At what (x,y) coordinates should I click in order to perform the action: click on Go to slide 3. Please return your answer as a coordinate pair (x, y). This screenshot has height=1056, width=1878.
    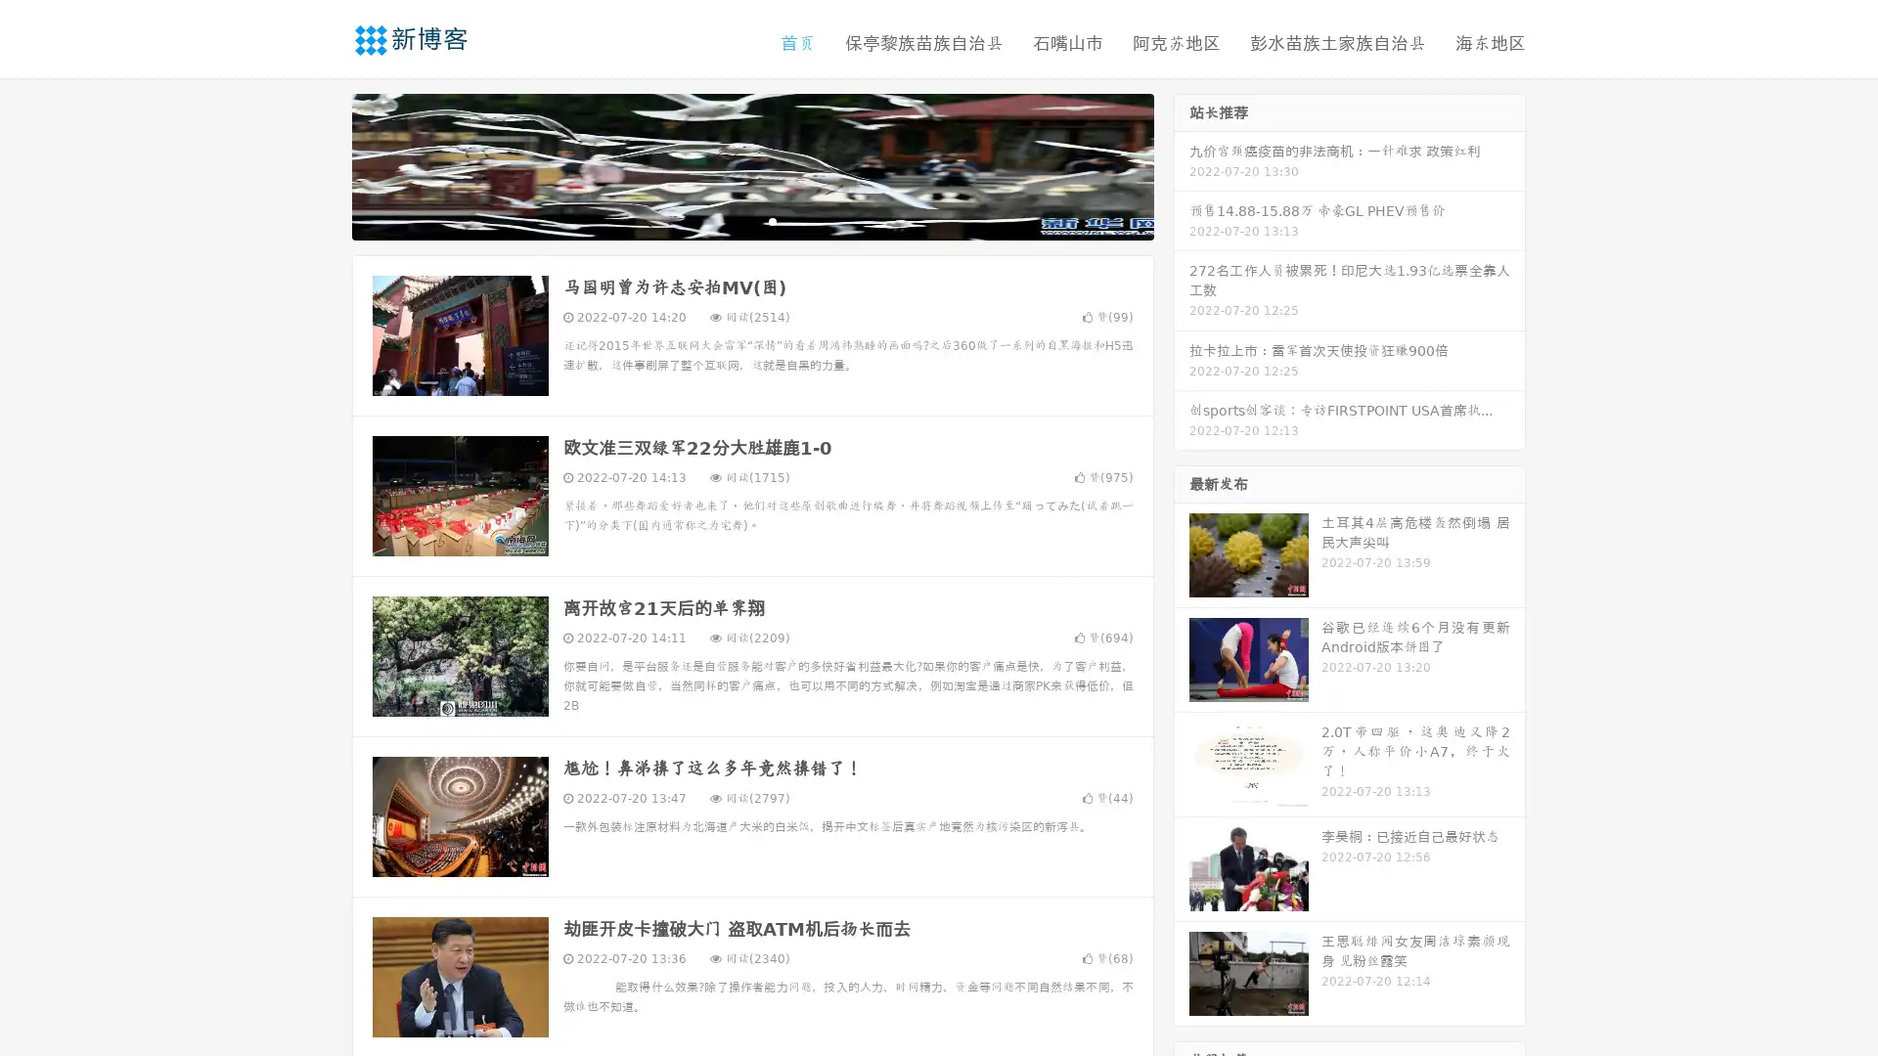
    Looking at the image, I should click on (772, 220).